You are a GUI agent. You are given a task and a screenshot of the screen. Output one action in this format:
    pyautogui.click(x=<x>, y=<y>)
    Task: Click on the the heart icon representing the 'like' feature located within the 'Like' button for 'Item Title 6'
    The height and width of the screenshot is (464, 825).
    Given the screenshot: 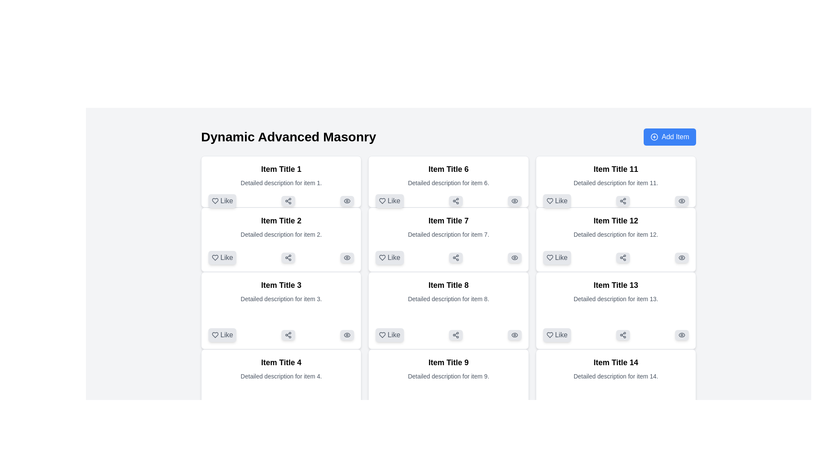 What is the action you would take?
    pyautogui.click(x=382, y=201)
    